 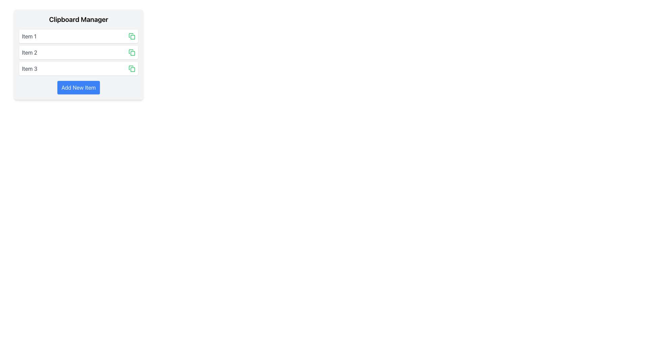 I want to click on the copy button icon located to the right of the first item entry in the vertical list, which enhances visual clarity, so click(x=133, y=37).